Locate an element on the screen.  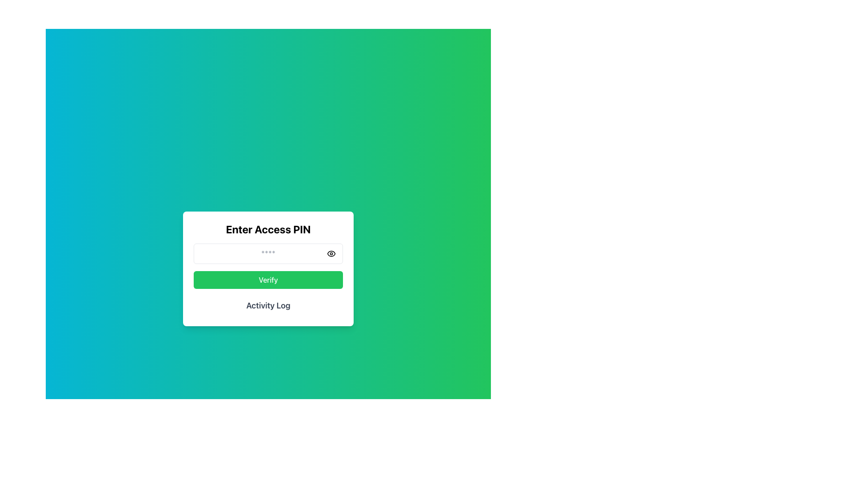
the Text label indicating activity logging or history, which is positioned below the green 'Verify' button is located at coordinates (268, 305).